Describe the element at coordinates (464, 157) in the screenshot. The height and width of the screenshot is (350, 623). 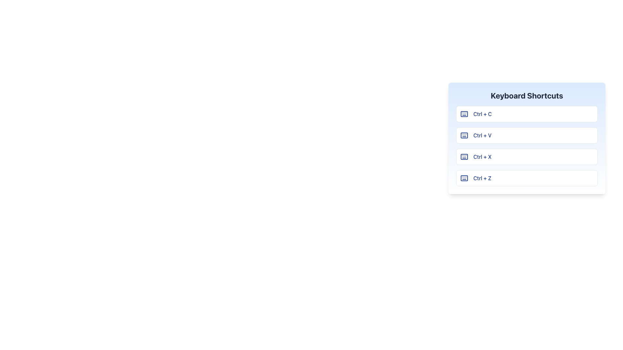
I see `the 'Cut' action icon, which is the third item in the vertical list of keyboard shortcuts, positioned between the 'Ctrl + V' and 'Ctrl + Z' items` at that location.